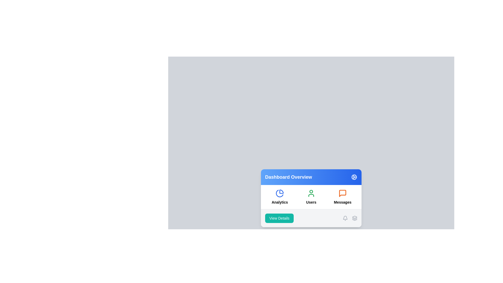  I want to click on the messaging icon located above the 'Messages' label within the vertical group labeled 'Messages', so click(343, 193).